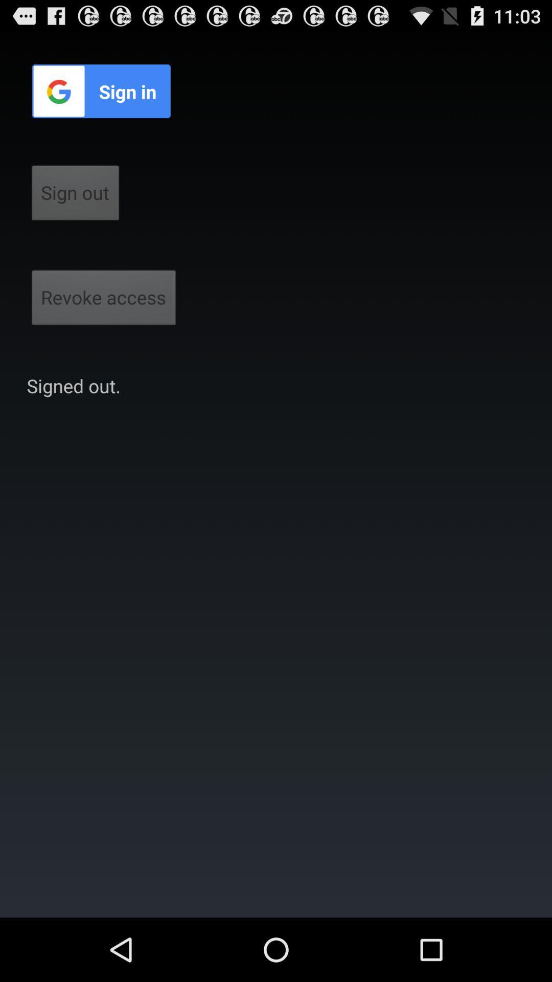  Describe the element at coordinates (101, 91) in the screenshot. I see `the item above sign out item` at that location.